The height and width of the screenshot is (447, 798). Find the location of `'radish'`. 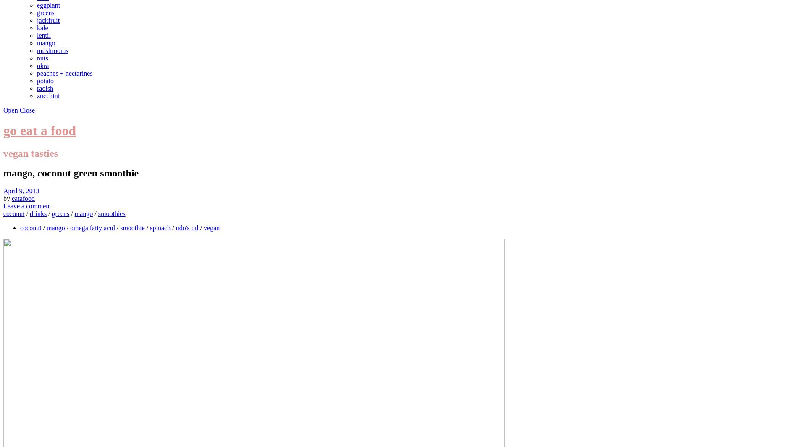

'radish' is located at coordinates (45, 88).